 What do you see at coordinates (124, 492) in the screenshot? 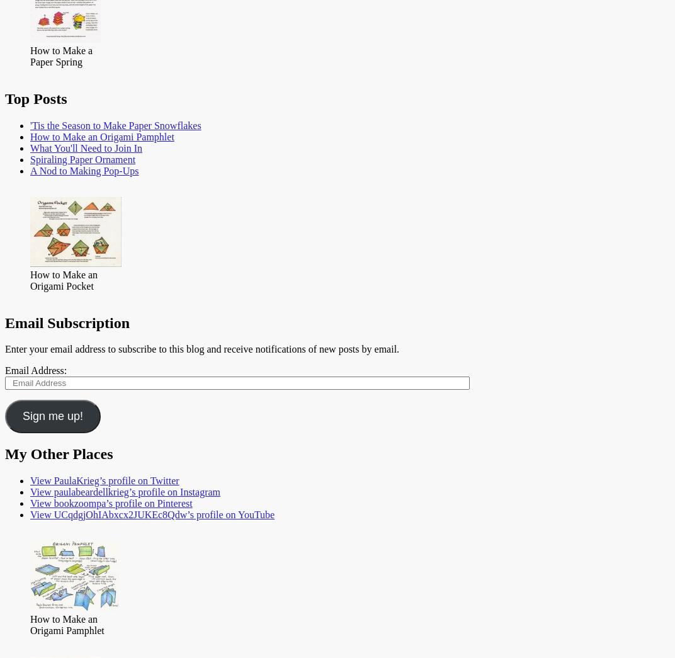
I see `'View paulabeardellkrieg’s profile on Instagram'` at bounding box center [124, 492].